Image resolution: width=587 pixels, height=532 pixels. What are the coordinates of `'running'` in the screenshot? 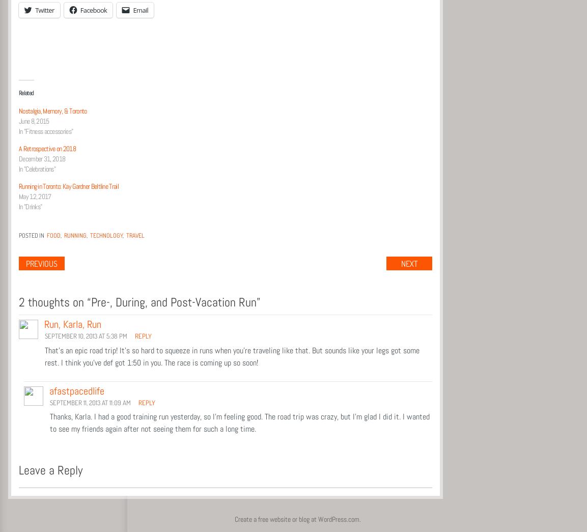 It's located at (75, 235).